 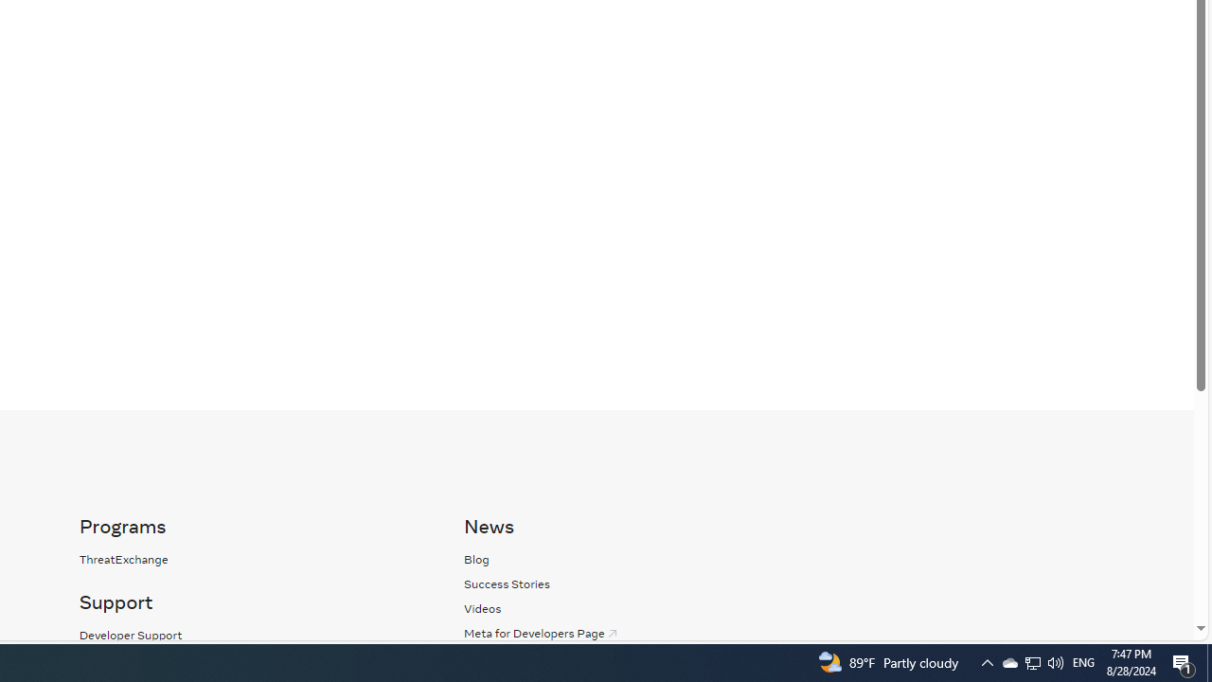 What do you see at coordinates (122, 558) in the screenshot?
I see `'ThreatExchange'` at bounding box center [122, 558].